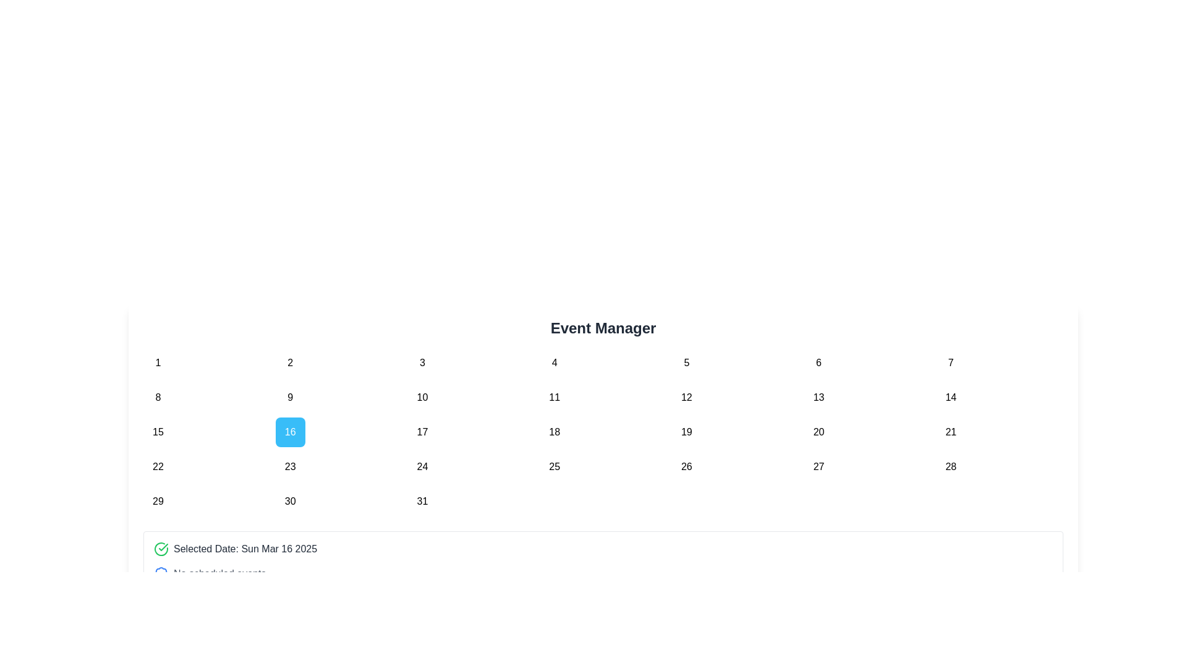 The height and width of the screenshot is (668, 1187). Describe the element at coordinates (289, 431) in the screenshot. I see `the date selection button for the 16th of the month in the calendar interface under 'Event Manager'` at that location.